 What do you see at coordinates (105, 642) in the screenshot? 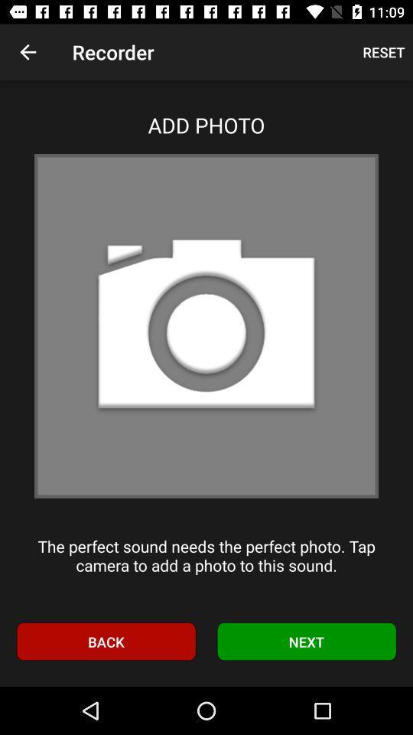
I see `the item next to next icon` at bounding box center [105, 642].